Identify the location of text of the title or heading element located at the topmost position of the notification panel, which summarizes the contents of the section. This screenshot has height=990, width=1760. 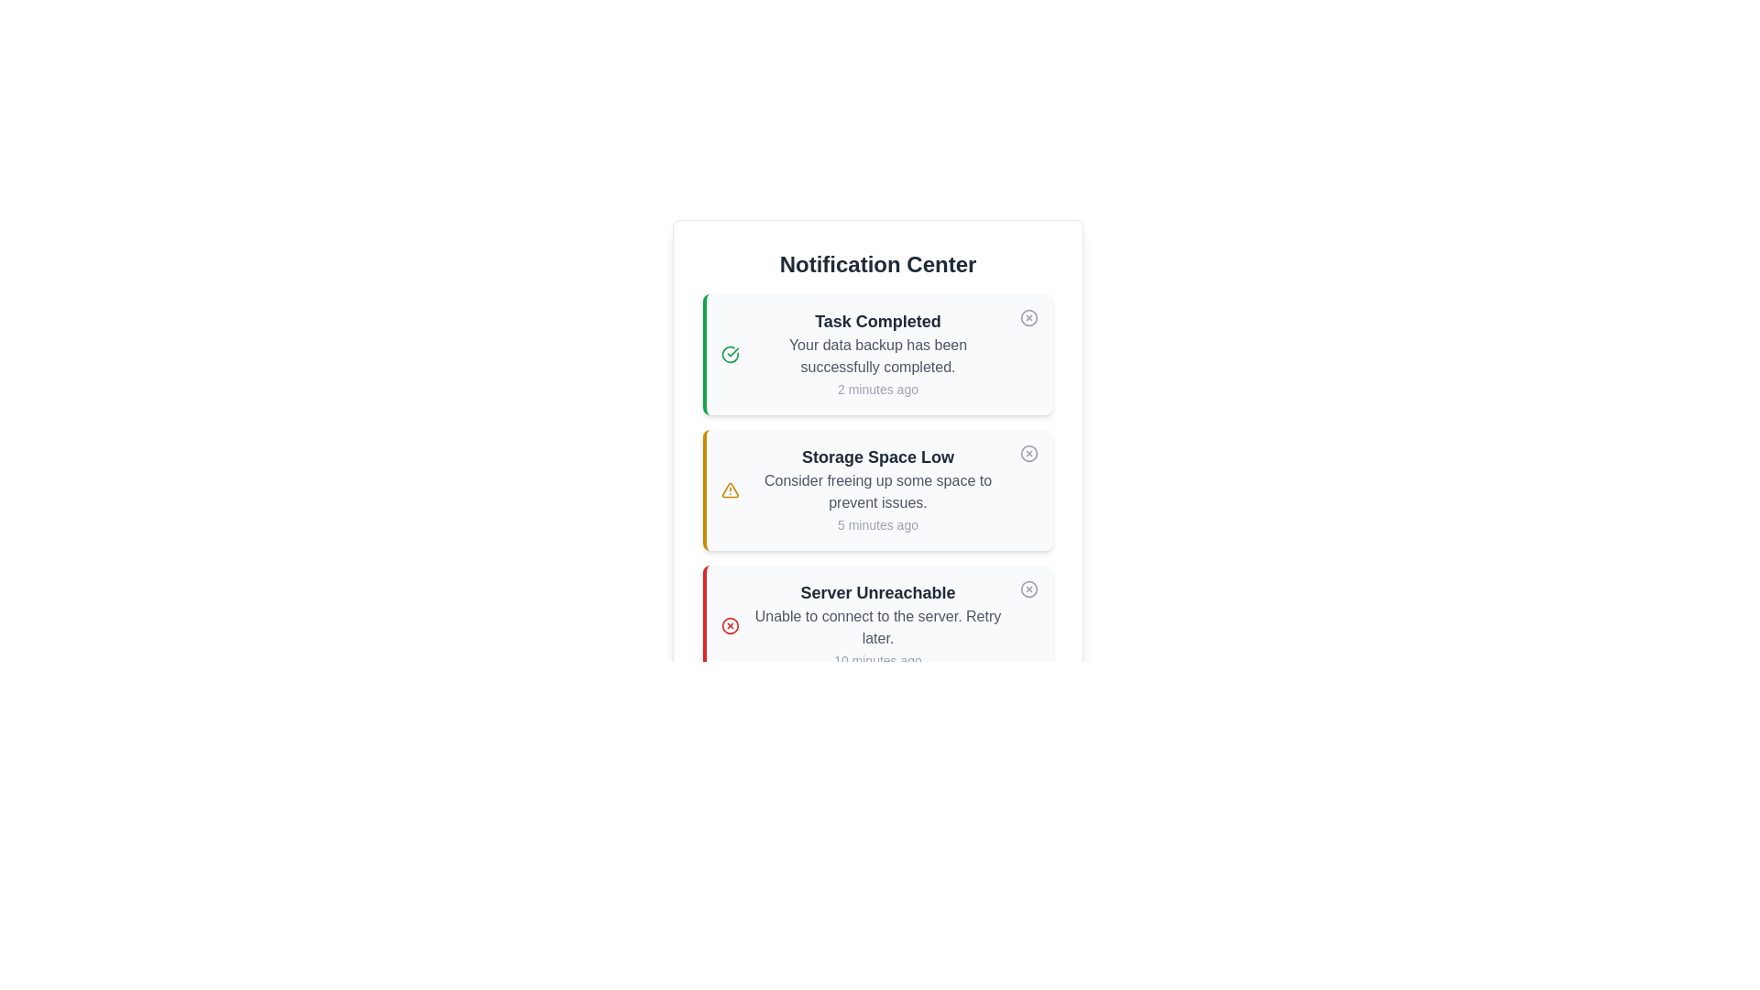
(877, 265).